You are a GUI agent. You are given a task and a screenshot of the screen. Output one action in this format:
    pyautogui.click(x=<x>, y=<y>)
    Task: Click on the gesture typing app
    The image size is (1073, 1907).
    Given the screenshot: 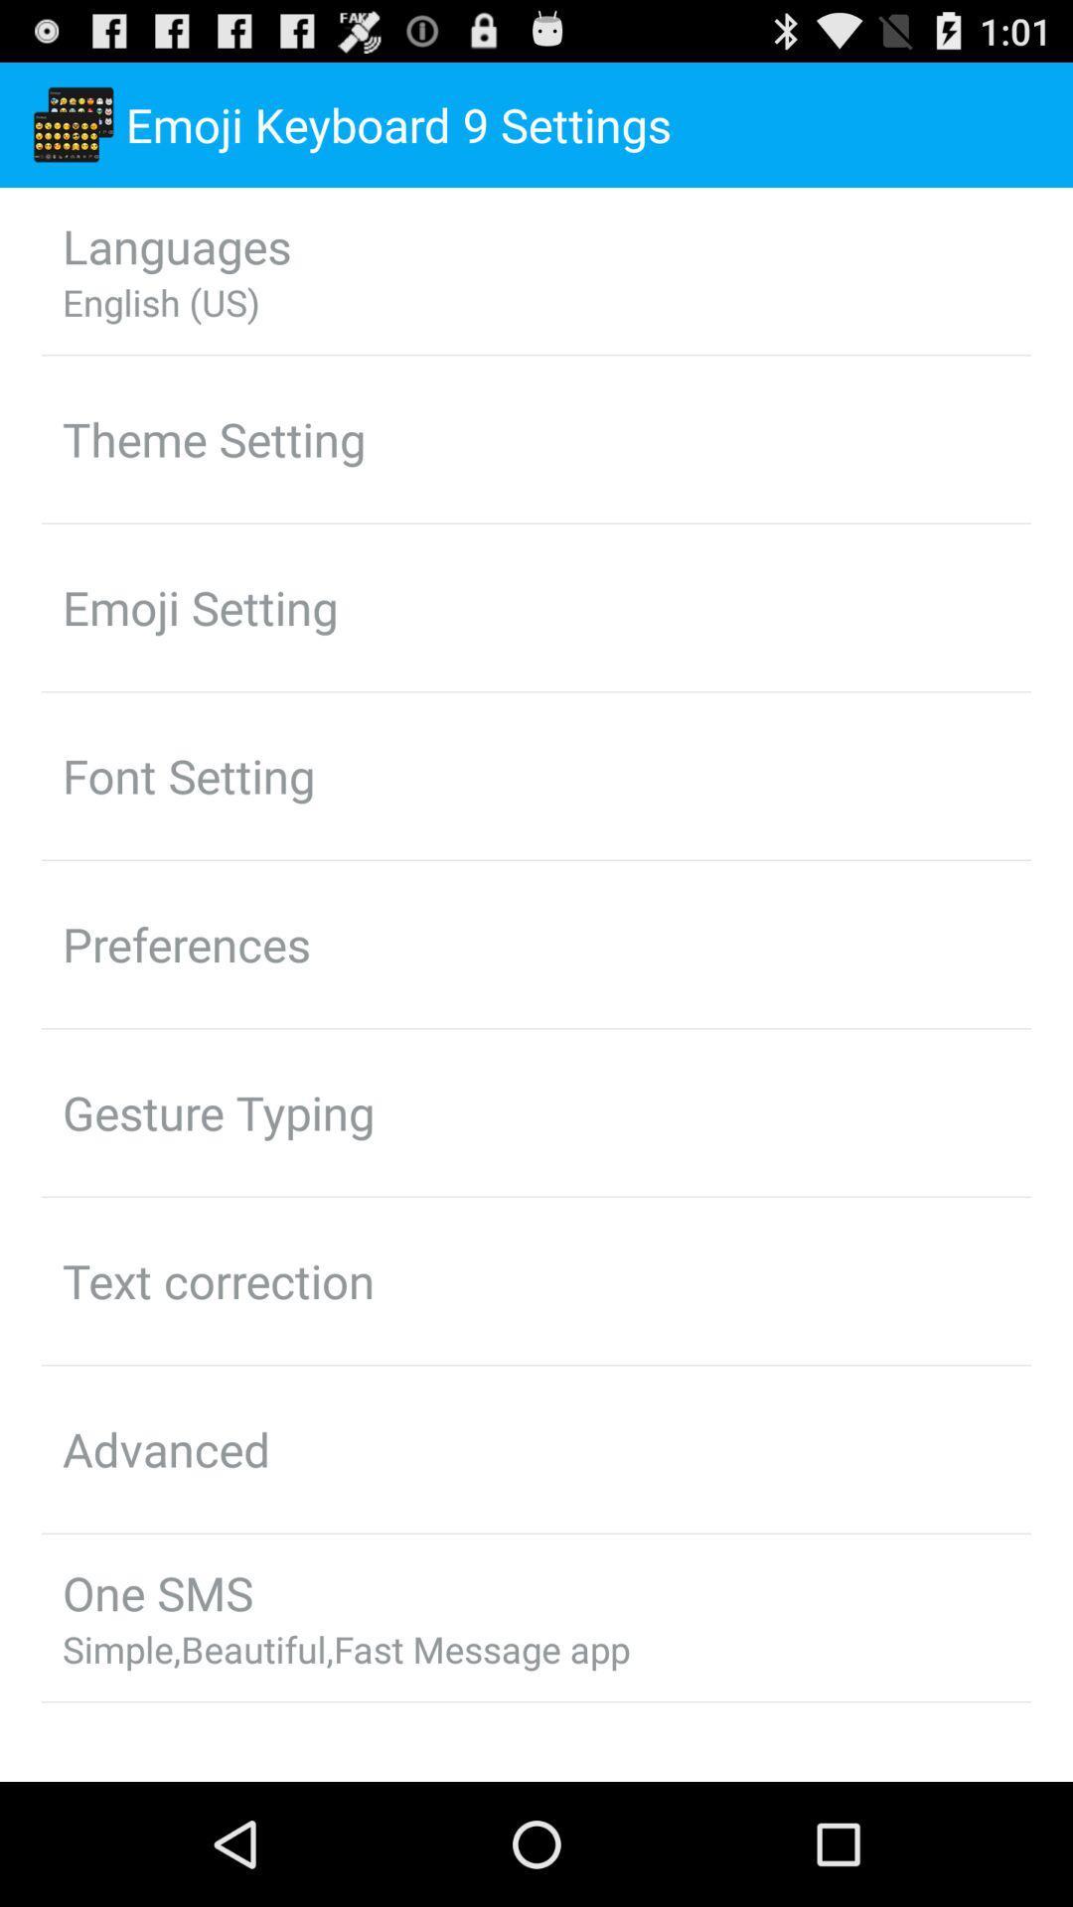 What is the action you would take?
    pyautogui.click(x=219, y=1112)
    